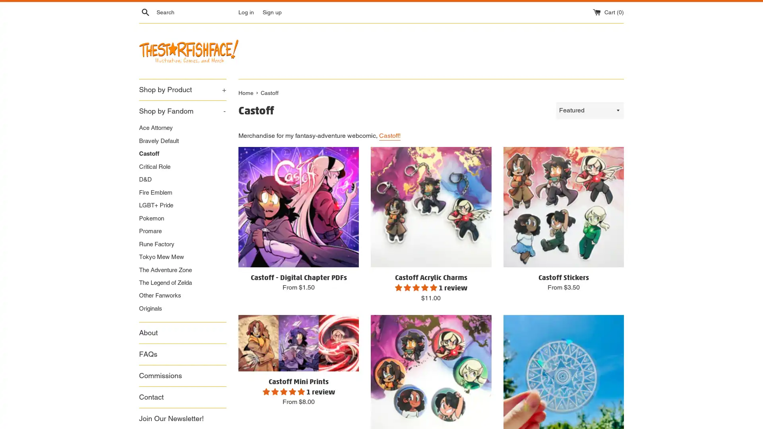 The width and height of the screenshot is (763, 429). I want to click on Shop by Product, so click(182, 89).